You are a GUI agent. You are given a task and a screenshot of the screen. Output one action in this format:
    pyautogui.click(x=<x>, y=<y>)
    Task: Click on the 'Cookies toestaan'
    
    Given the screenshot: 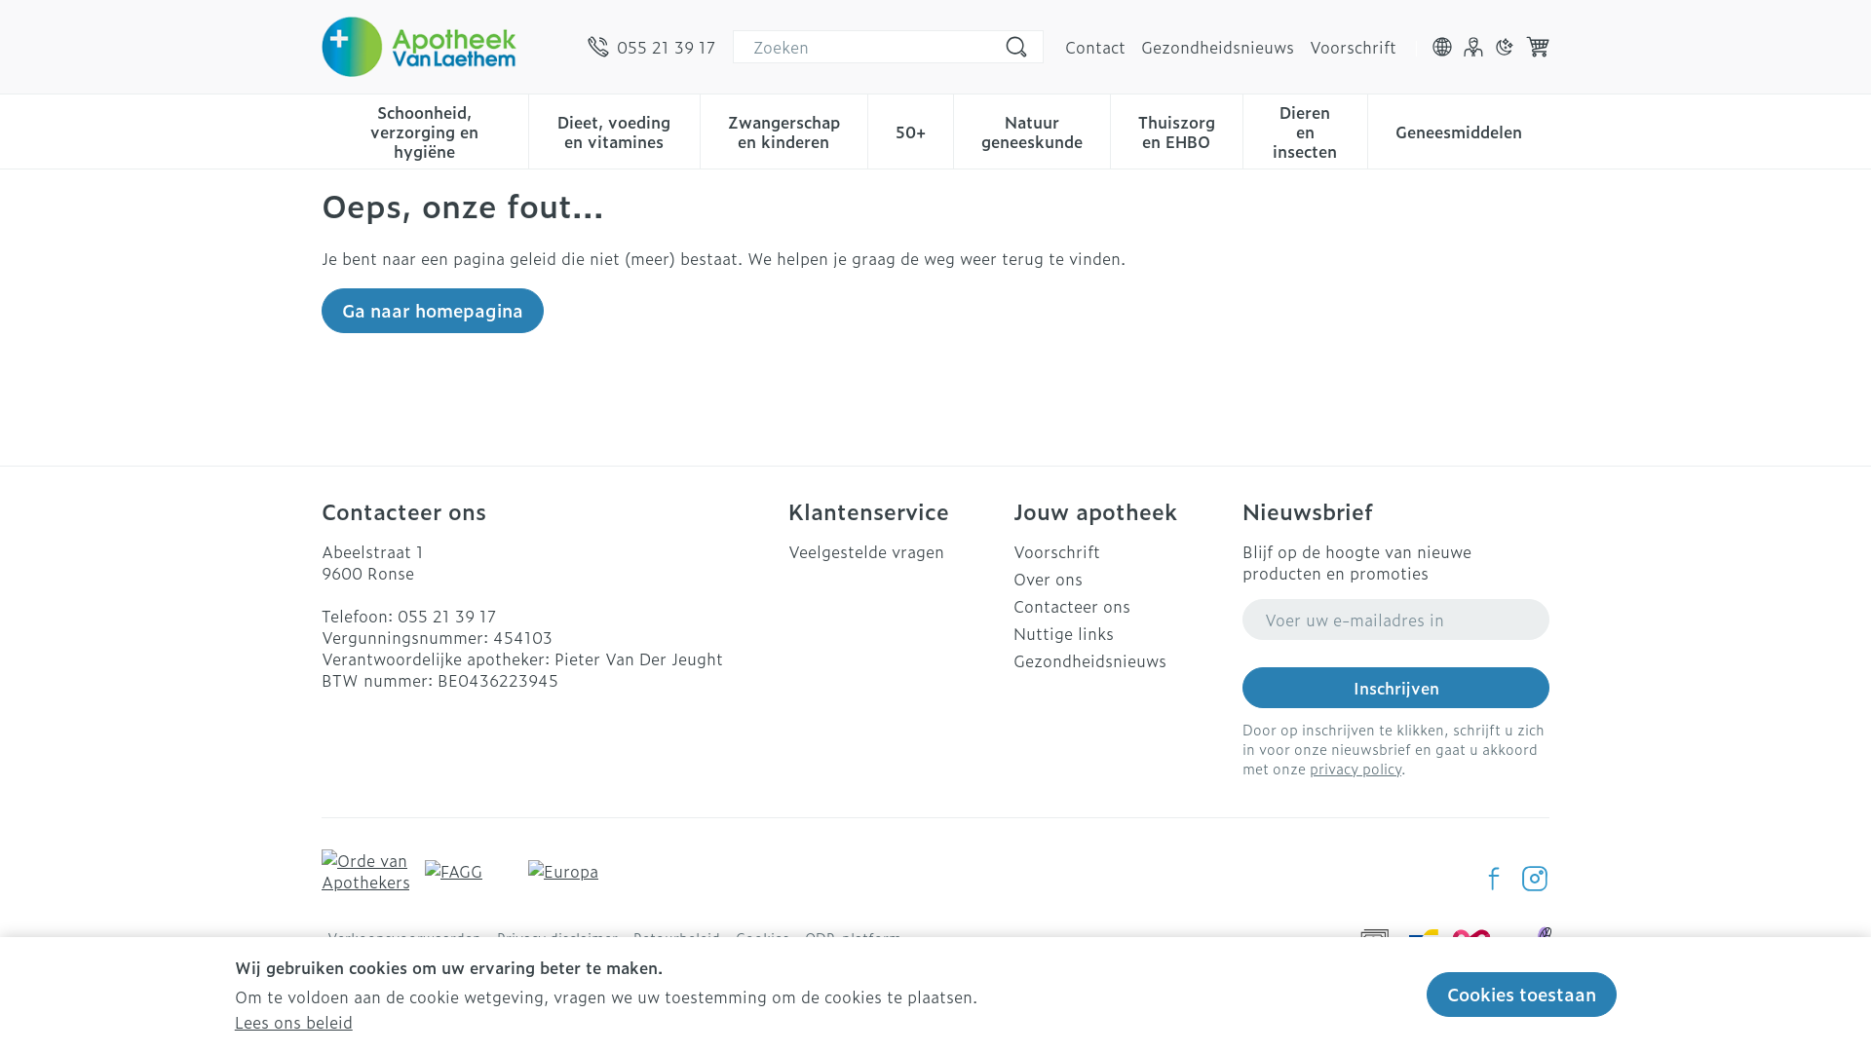 What is the action you would take?
    pyautogui.click(x=1520, y=995)
    